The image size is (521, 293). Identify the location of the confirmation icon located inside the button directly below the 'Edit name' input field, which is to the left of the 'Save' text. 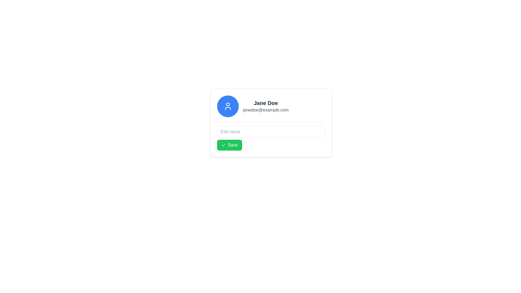
(223, 145).